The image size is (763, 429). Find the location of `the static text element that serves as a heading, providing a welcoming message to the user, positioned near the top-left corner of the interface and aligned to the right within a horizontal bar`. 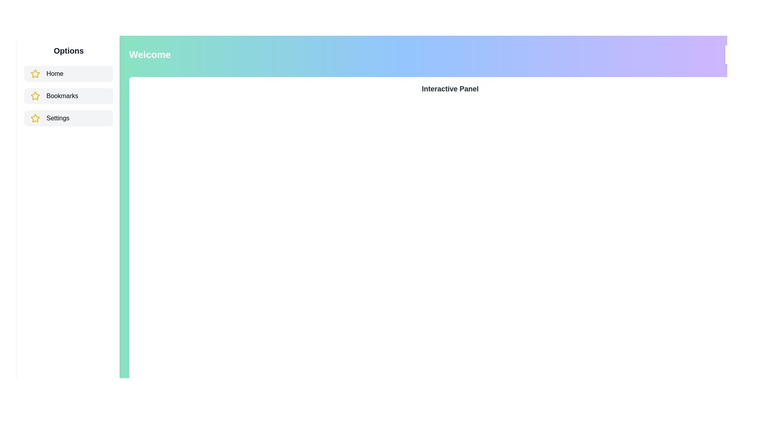

the static text element that serves as a heading, providing a welcoming message to the user, positioned near the top-left corner of the interface and aligned to the right within a horizontal bar is located at coordinates (150, 54).